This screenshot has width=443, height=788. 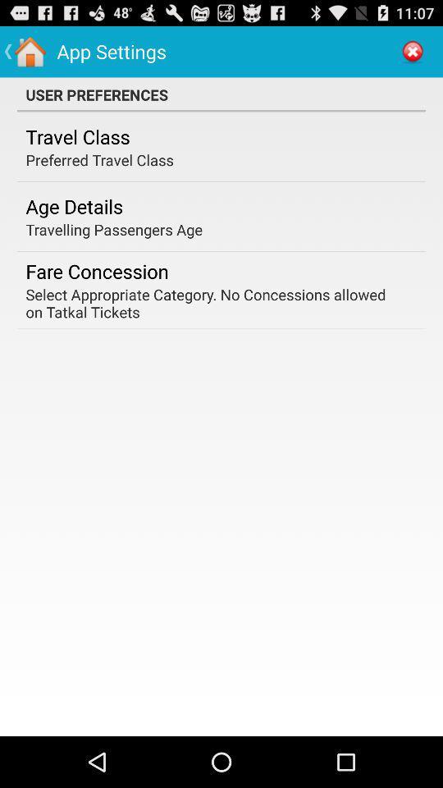 What do you see at coordinates (221, 94) in the screenshot?
I see `the item at the top` at bounding box center [221, 94].